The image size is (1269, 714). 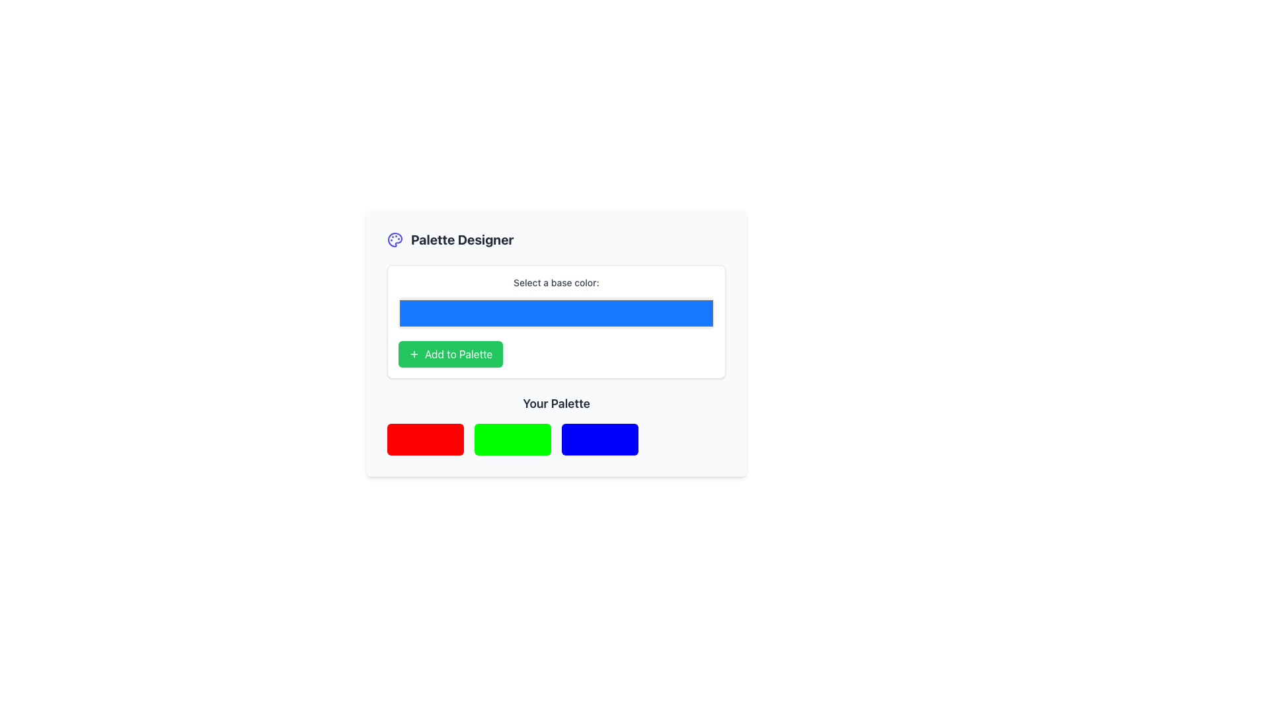 I want to click on the green button labeled 'Add to Palette' which contains the plus sign icon for addition functionality, so click(x=414, y=354).